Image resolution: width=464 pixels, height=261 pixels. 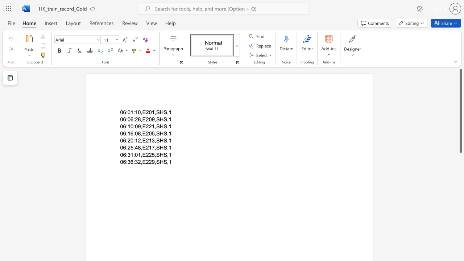 I want to click on the scrollbar on the right side to scroll the page down, so click(x=460, y=249).